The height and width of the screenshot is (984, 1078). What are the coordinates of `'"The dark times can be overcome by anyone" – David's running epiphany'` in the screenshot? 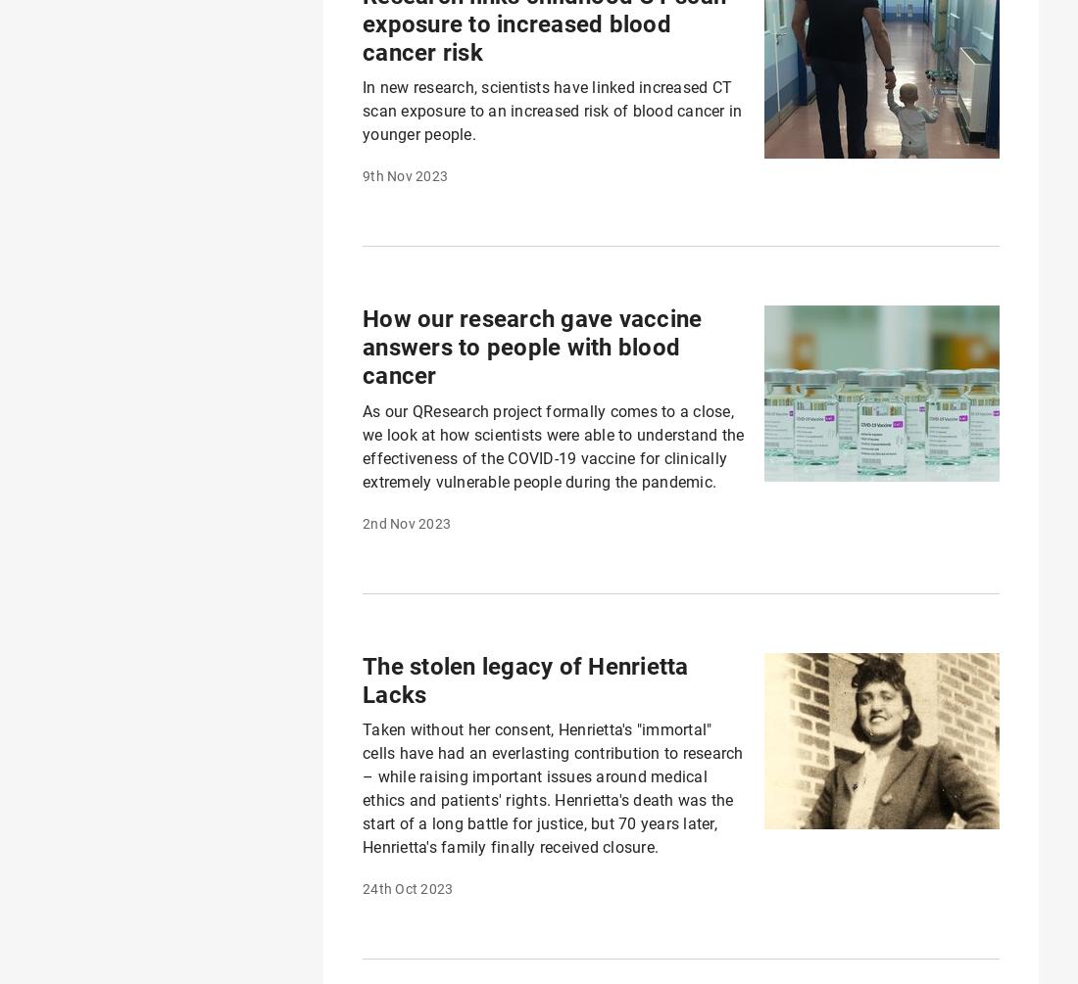 It's located at (658, 215).